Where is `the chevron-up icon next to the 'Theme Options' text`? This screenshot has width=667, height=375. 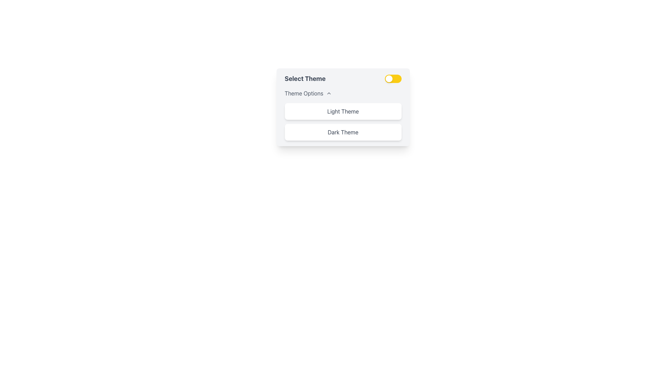
the chevron-up icon next to the 'Theme Options' text is located at coordinates (328, 93).